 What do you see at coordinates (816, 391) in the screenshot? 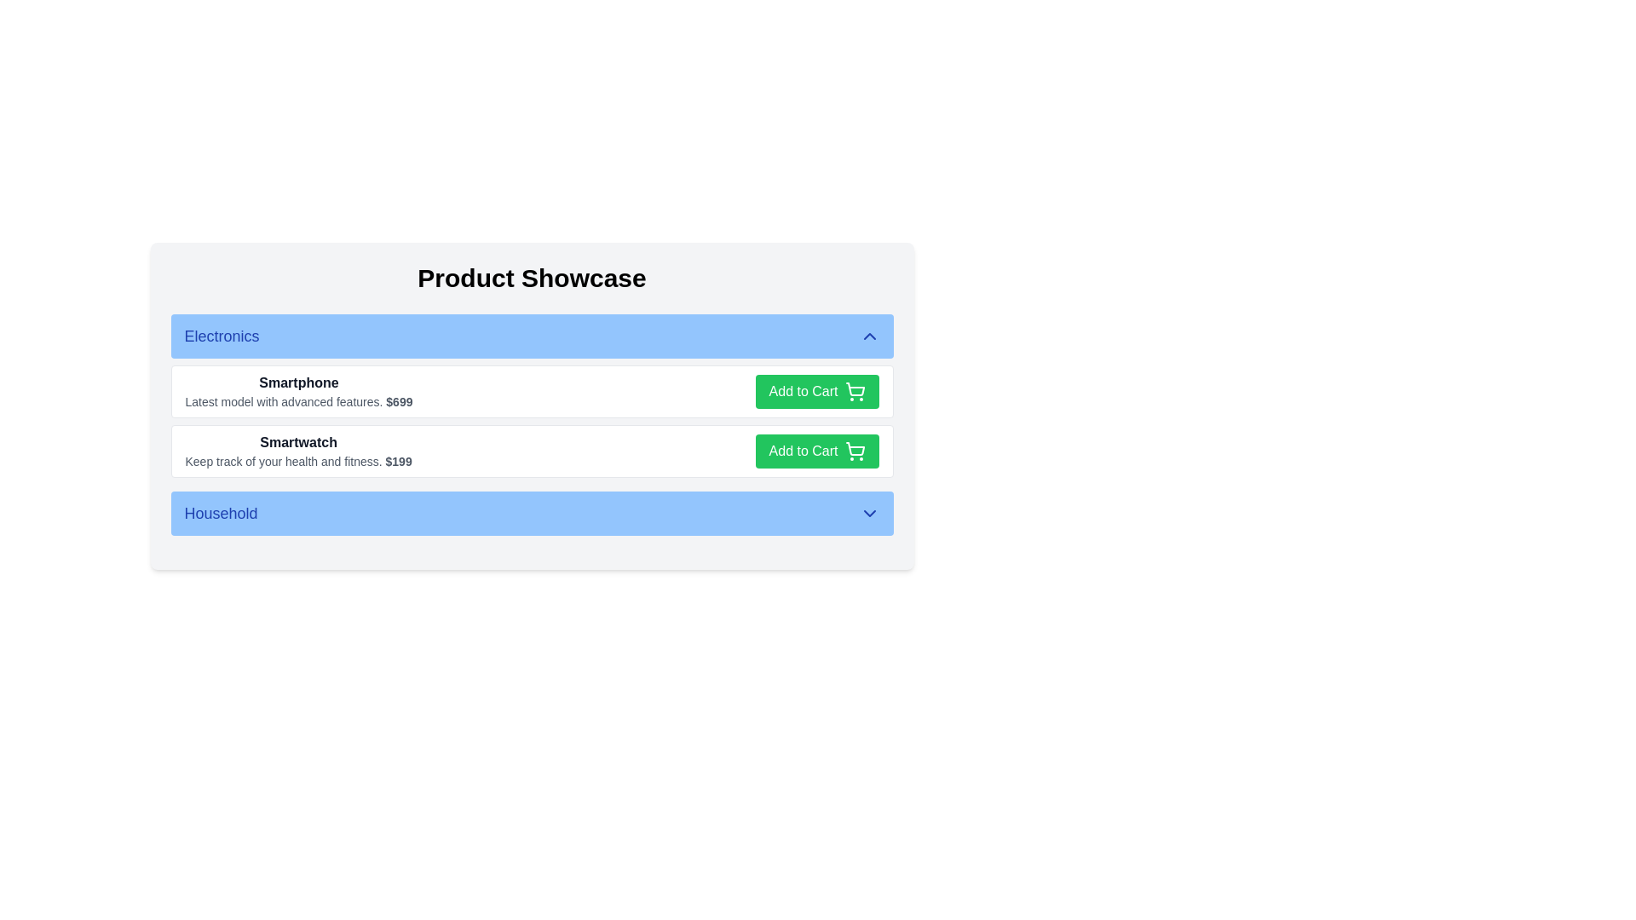
I see `the green 'Add to Cart' button with white text and cart icon for the 'Smartphone' product under the 'Electronics' category` at bounding box center [816, 391].